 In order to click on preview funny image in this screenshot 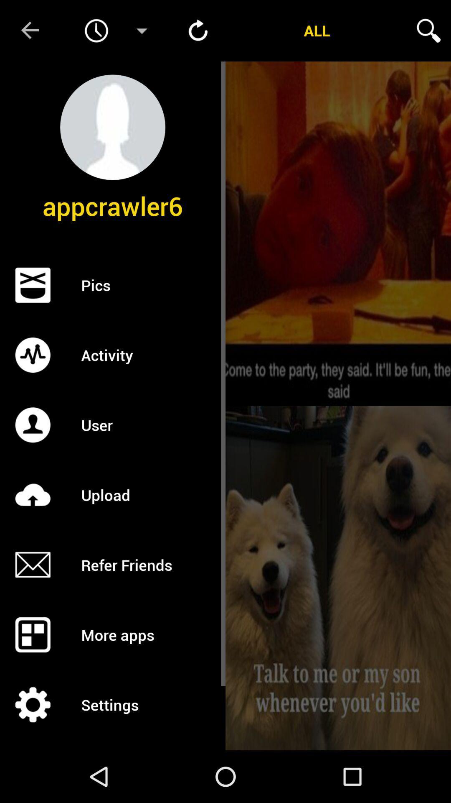, I will do `click(338, 233)`.